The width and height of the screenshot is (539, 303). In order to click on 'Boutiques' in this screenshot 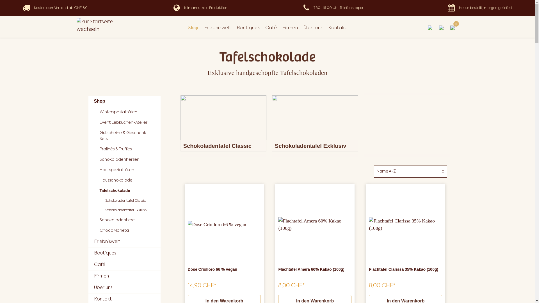, I will do `click(124, 253)`.